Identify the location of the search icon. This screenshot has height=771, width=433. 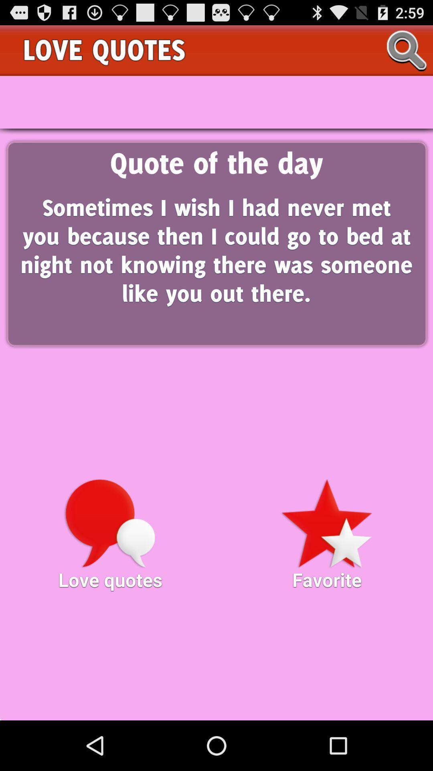
(407, 53).